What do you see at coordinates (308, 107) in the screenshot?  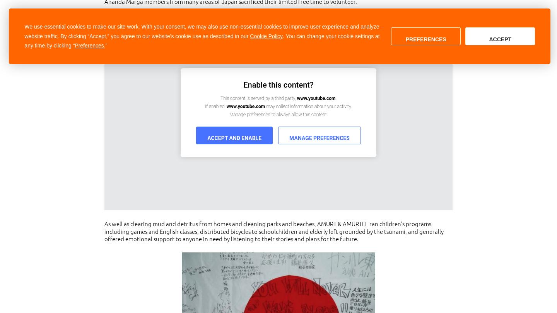 I see `'may collect information about your activity.'` at bounding box center [308, 107].